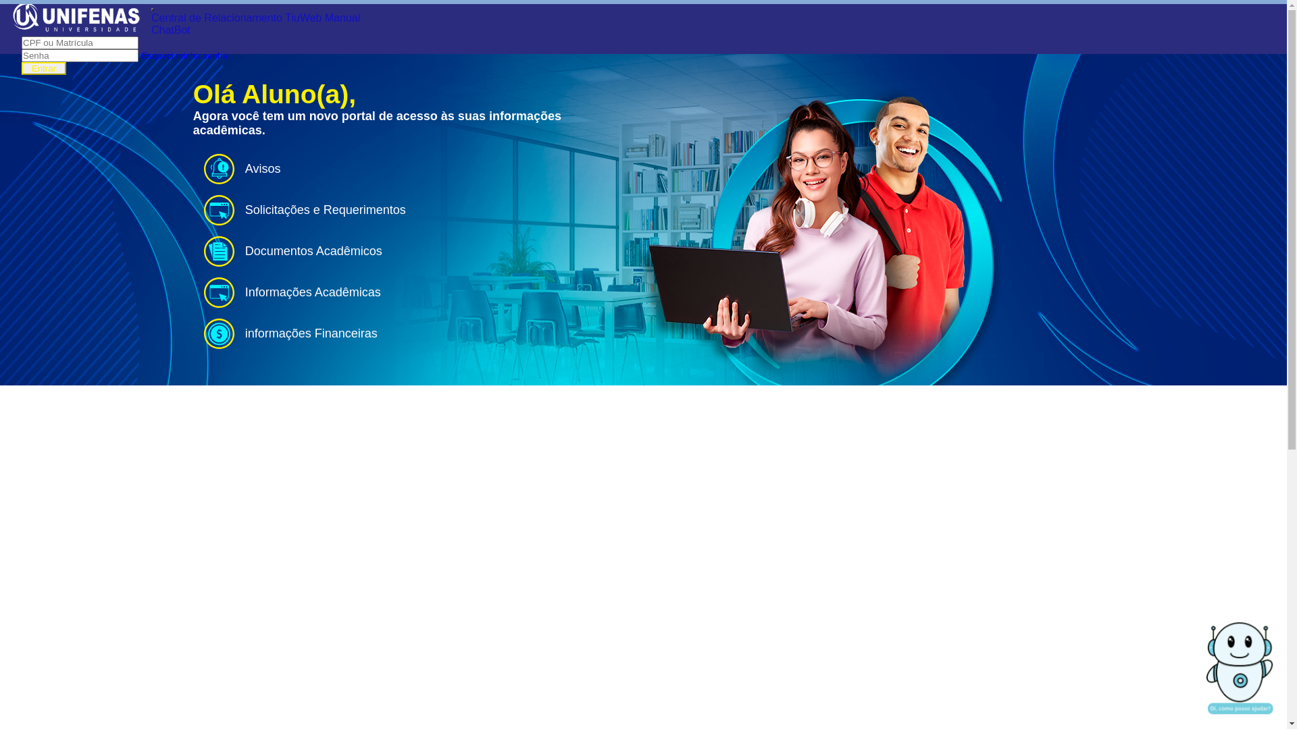  What do you see at coordinates (183, 54) in the screenshot?
I see `'Esqueci minha senha'` at bounding box center [183, 54].